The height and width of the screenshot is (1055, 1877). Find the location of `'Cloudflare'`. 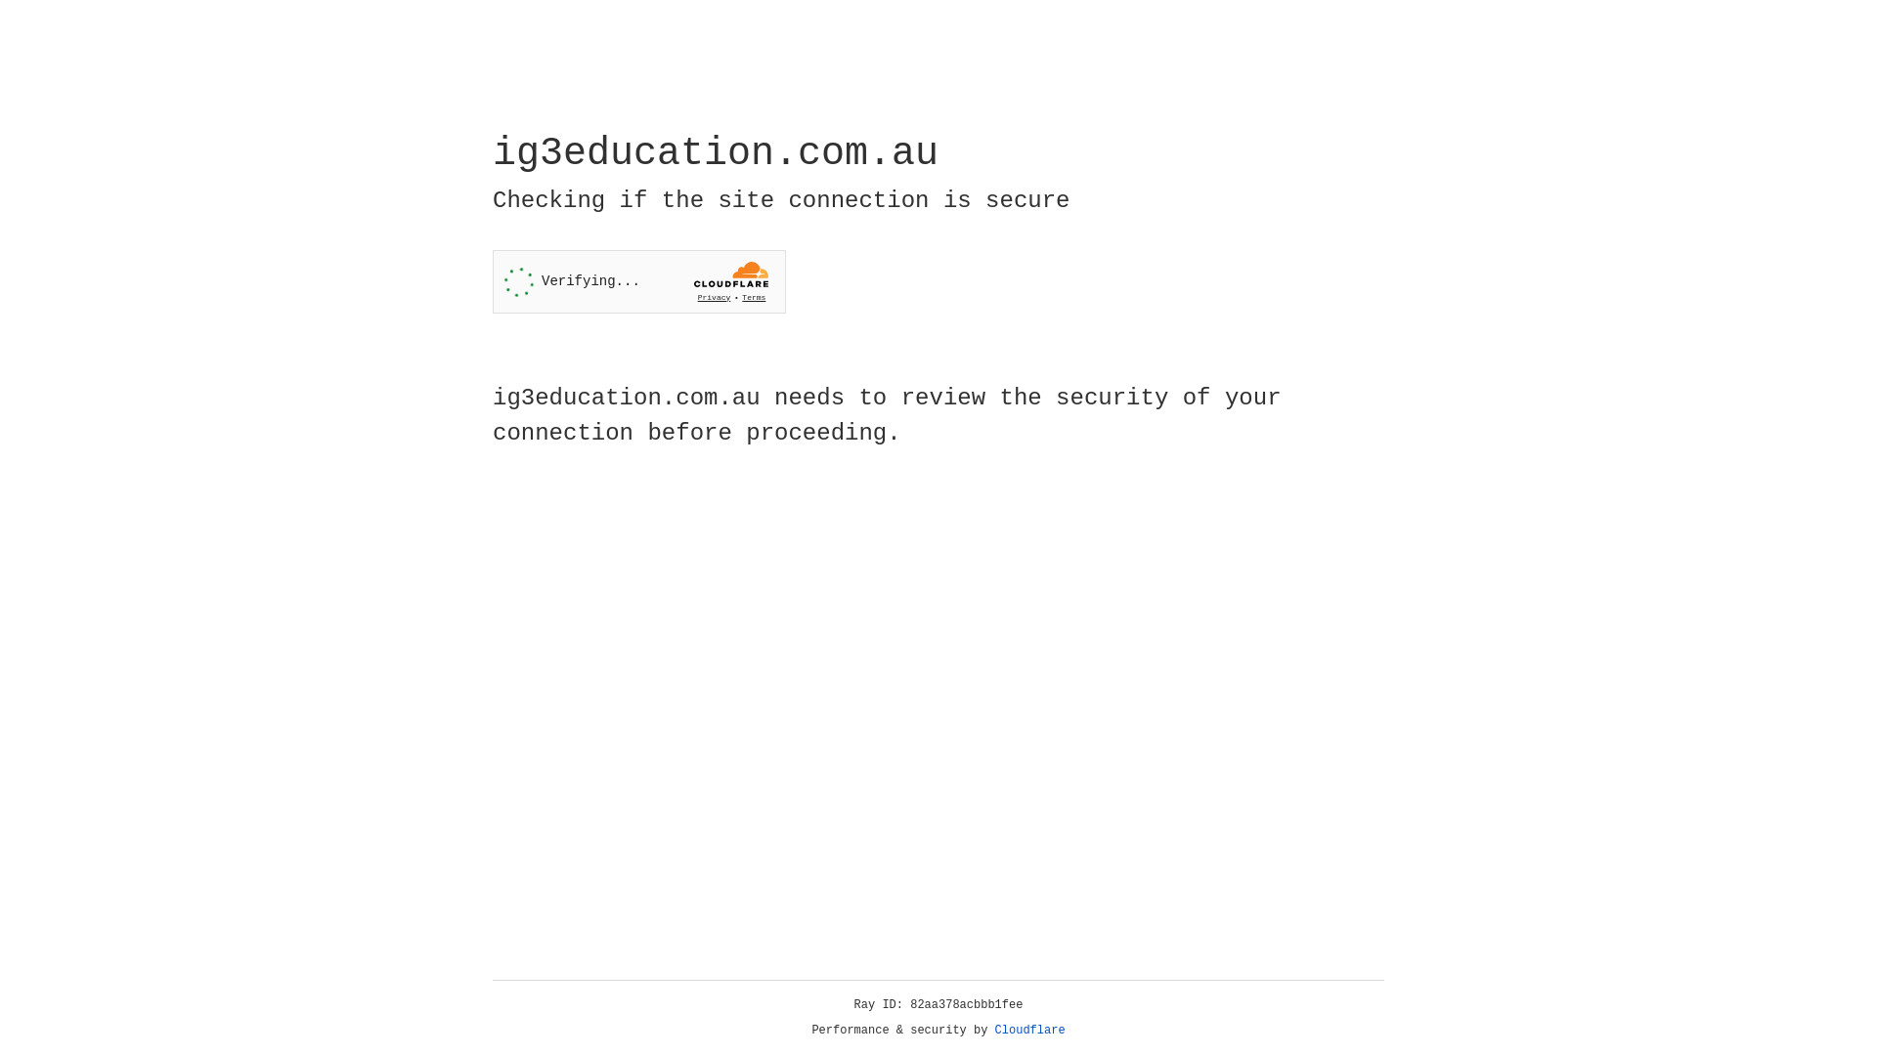

'Cloudflare' is located at coordinates (994, 1030).